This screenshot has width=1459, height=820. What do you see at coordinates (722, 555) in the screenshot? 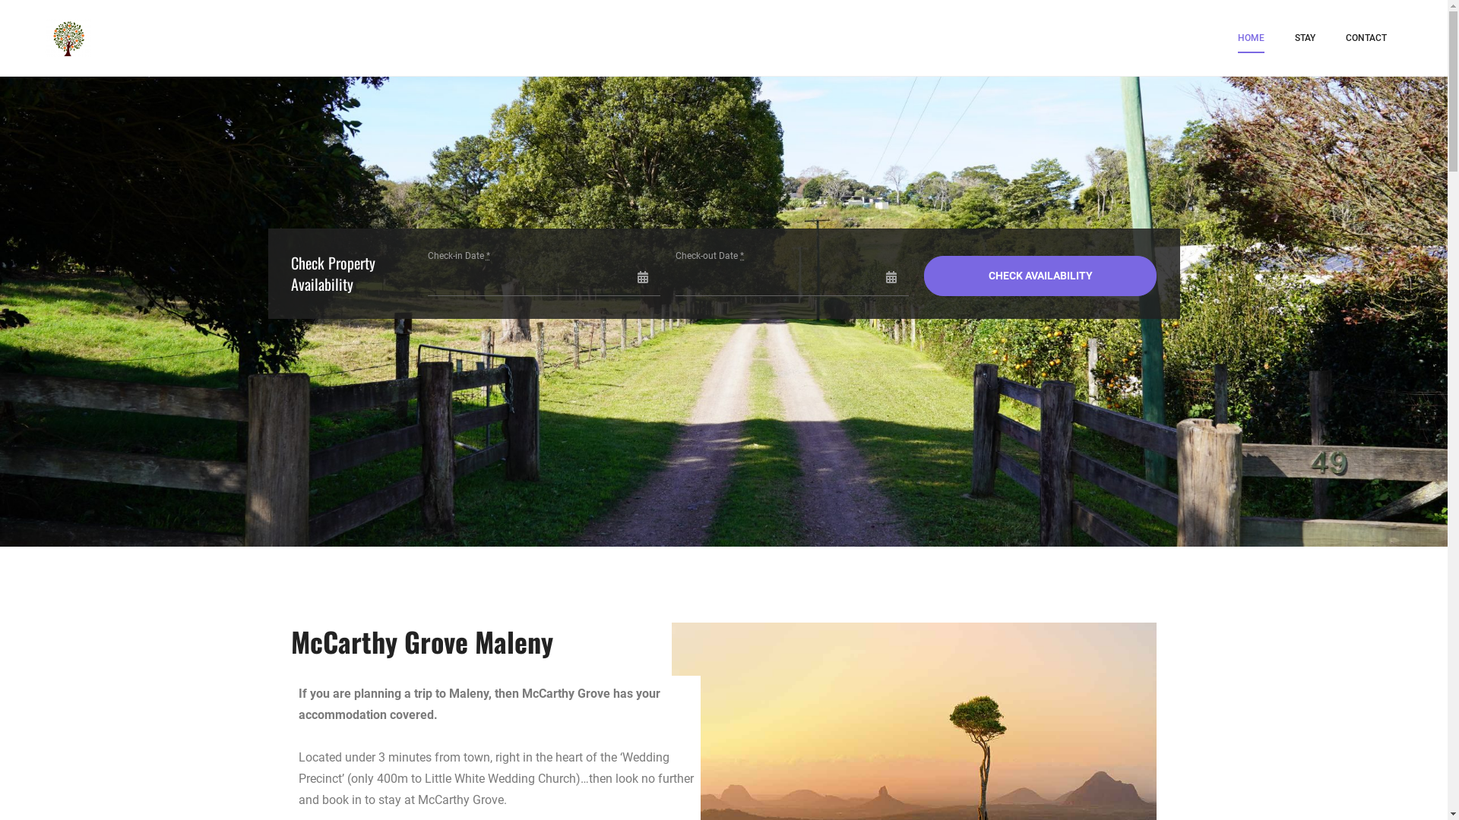
I see `'info@mccarthygrove.com.au'` at bounding box center [722, 555].